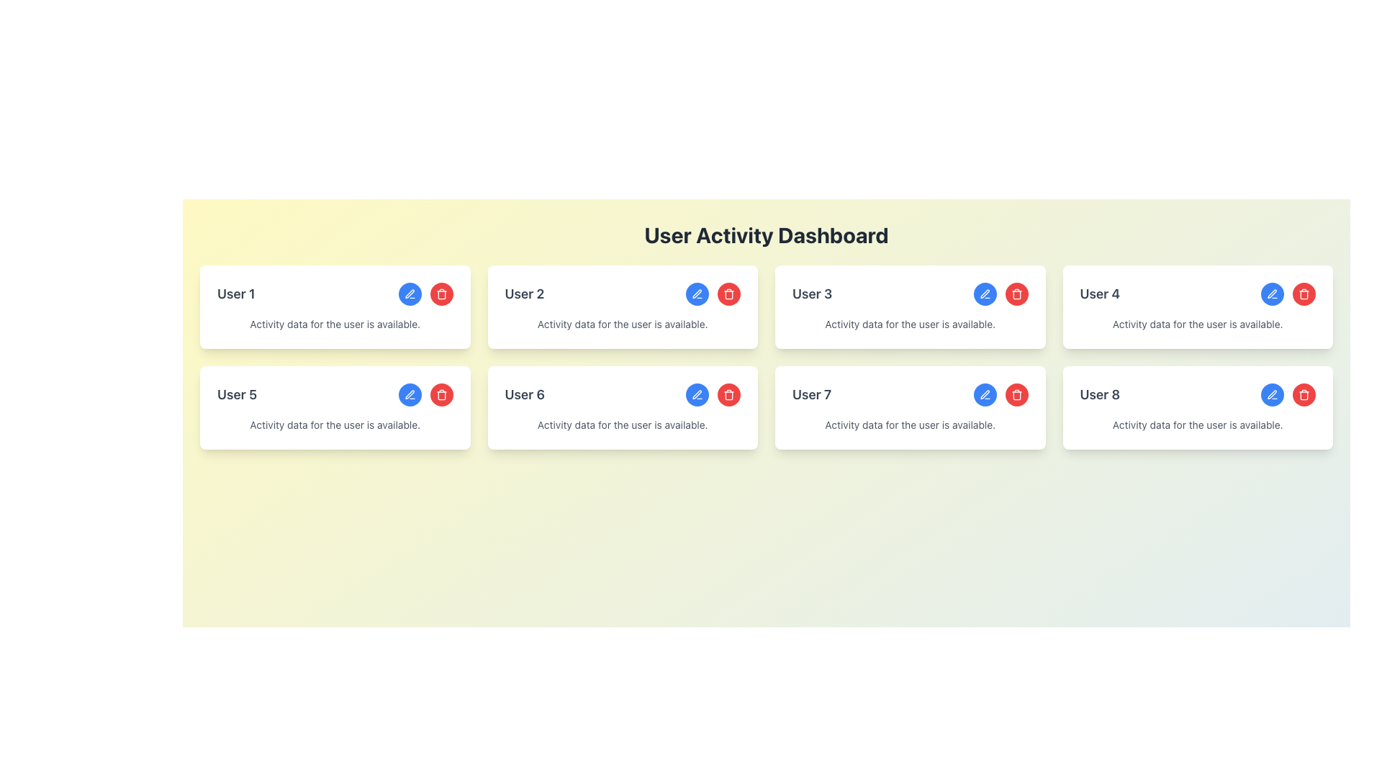  I want to click on the user activity card that provides options to edit or delete user records, located in the second row, first column of the grid layout, so click(334, 408).